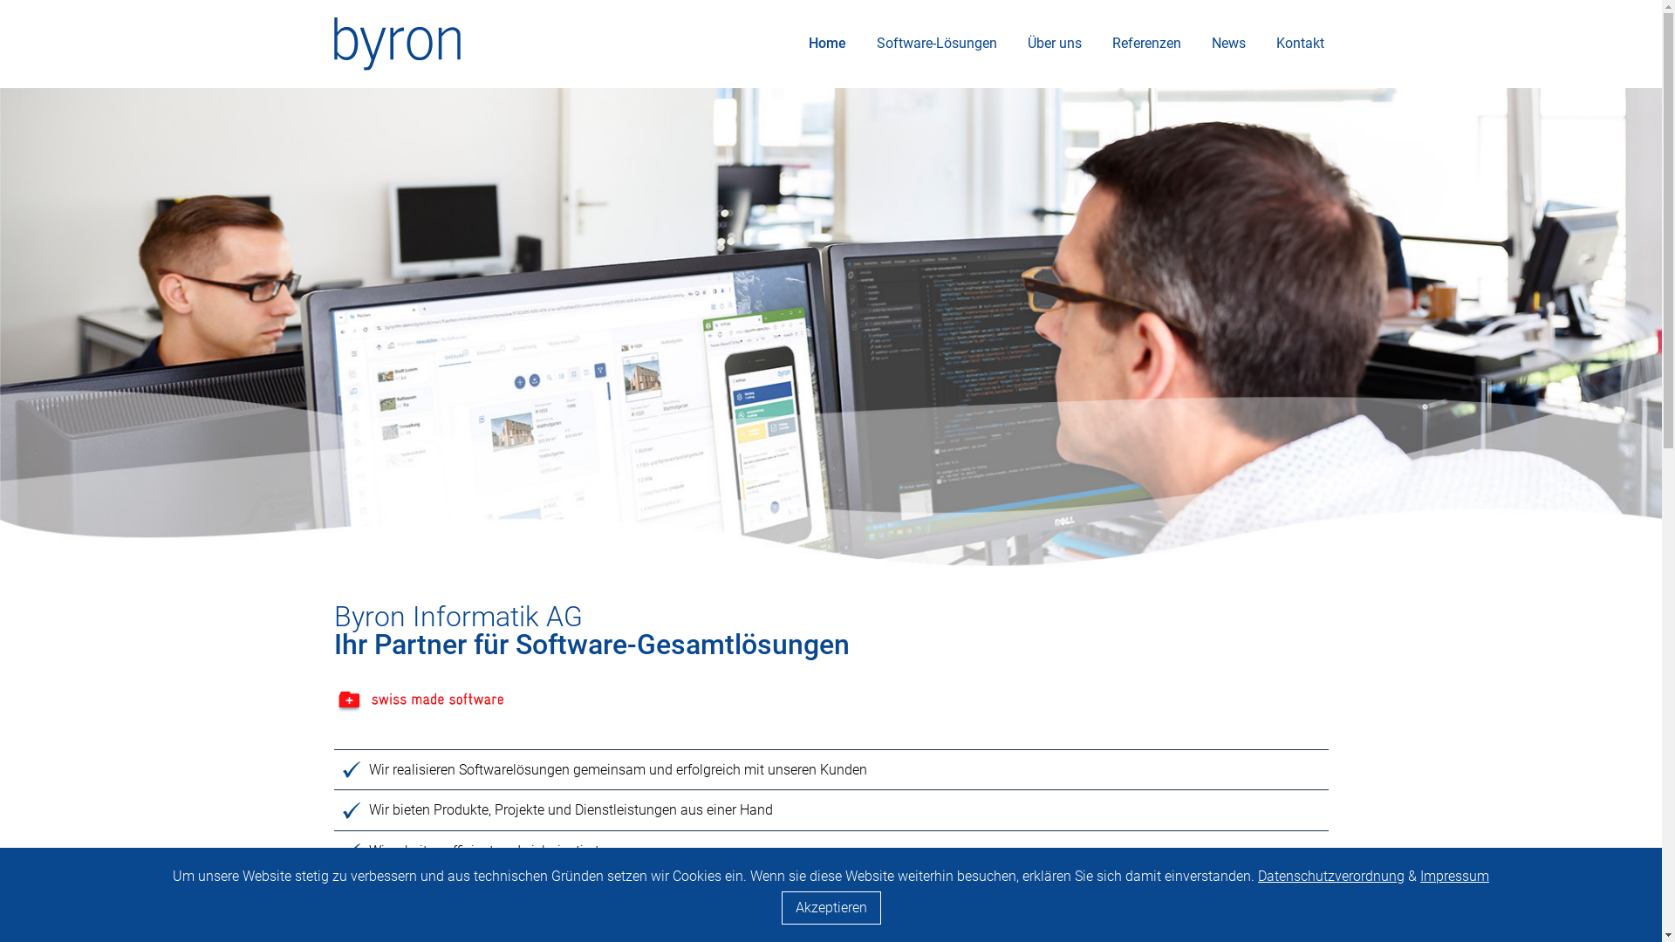  What do you see at coordinates (1300, 43) in the screenshot?
I see `'Kontakt'` at bounding box center [1300, 43].